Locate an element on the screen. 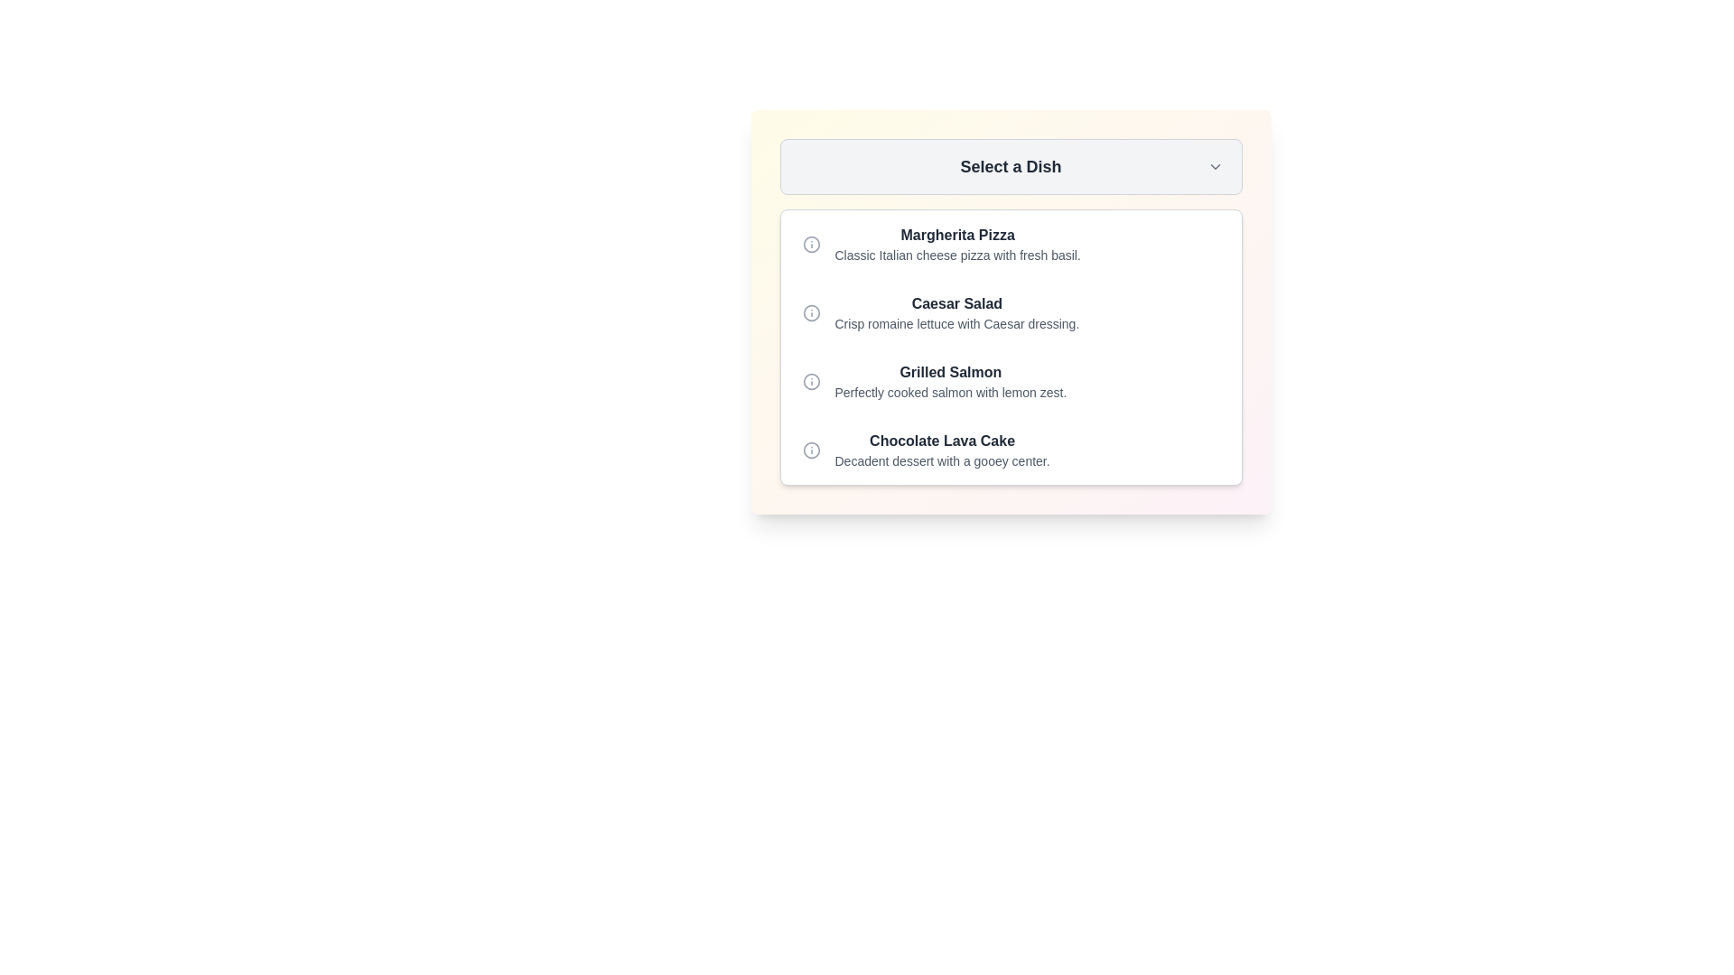 This screenshot has width=1734, height=975. descriptive text located beneath the bold label 'Margherita Pizza', which states: 'Classic Italian cheese pizza with fresh basil.' is located at coordinates (956, 255).